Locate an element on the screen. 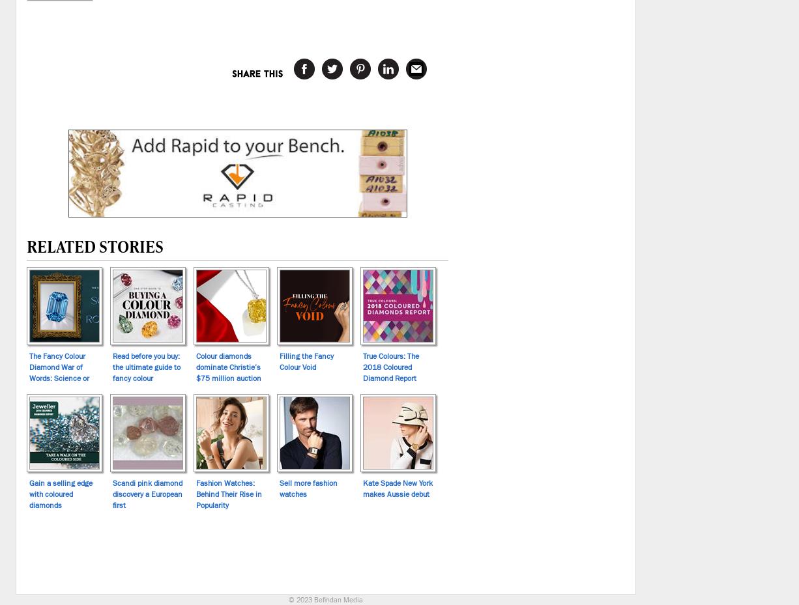 This screenshot has height=605, width=799. 'Kate Spade New York makes Aussie debut' is located at coordinates (397, 487).